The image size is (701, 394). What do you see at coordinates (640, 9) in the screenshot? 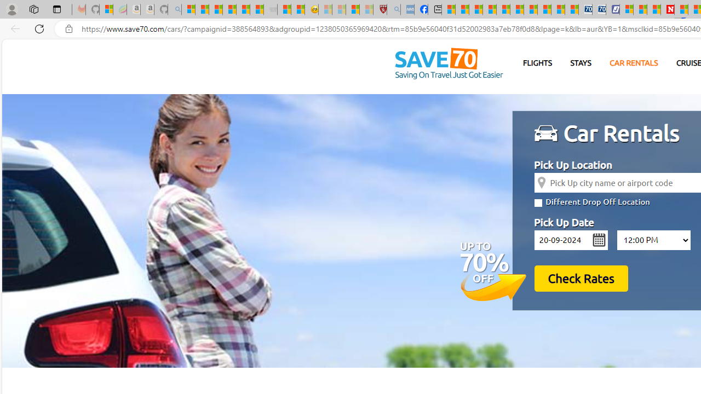
I see `'Microsoft Start'` at bounding box center [640, 9].